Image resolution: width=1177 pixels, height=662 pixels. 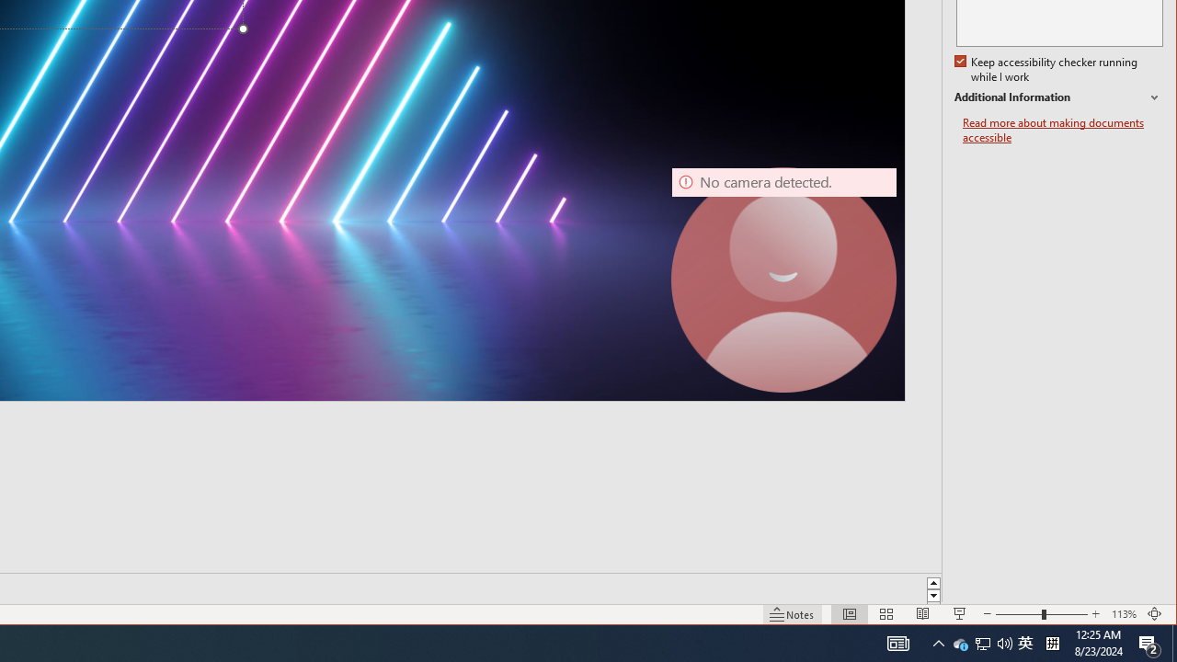 I want to click on 'Zoom 113%', so click(x=1123, y=614).